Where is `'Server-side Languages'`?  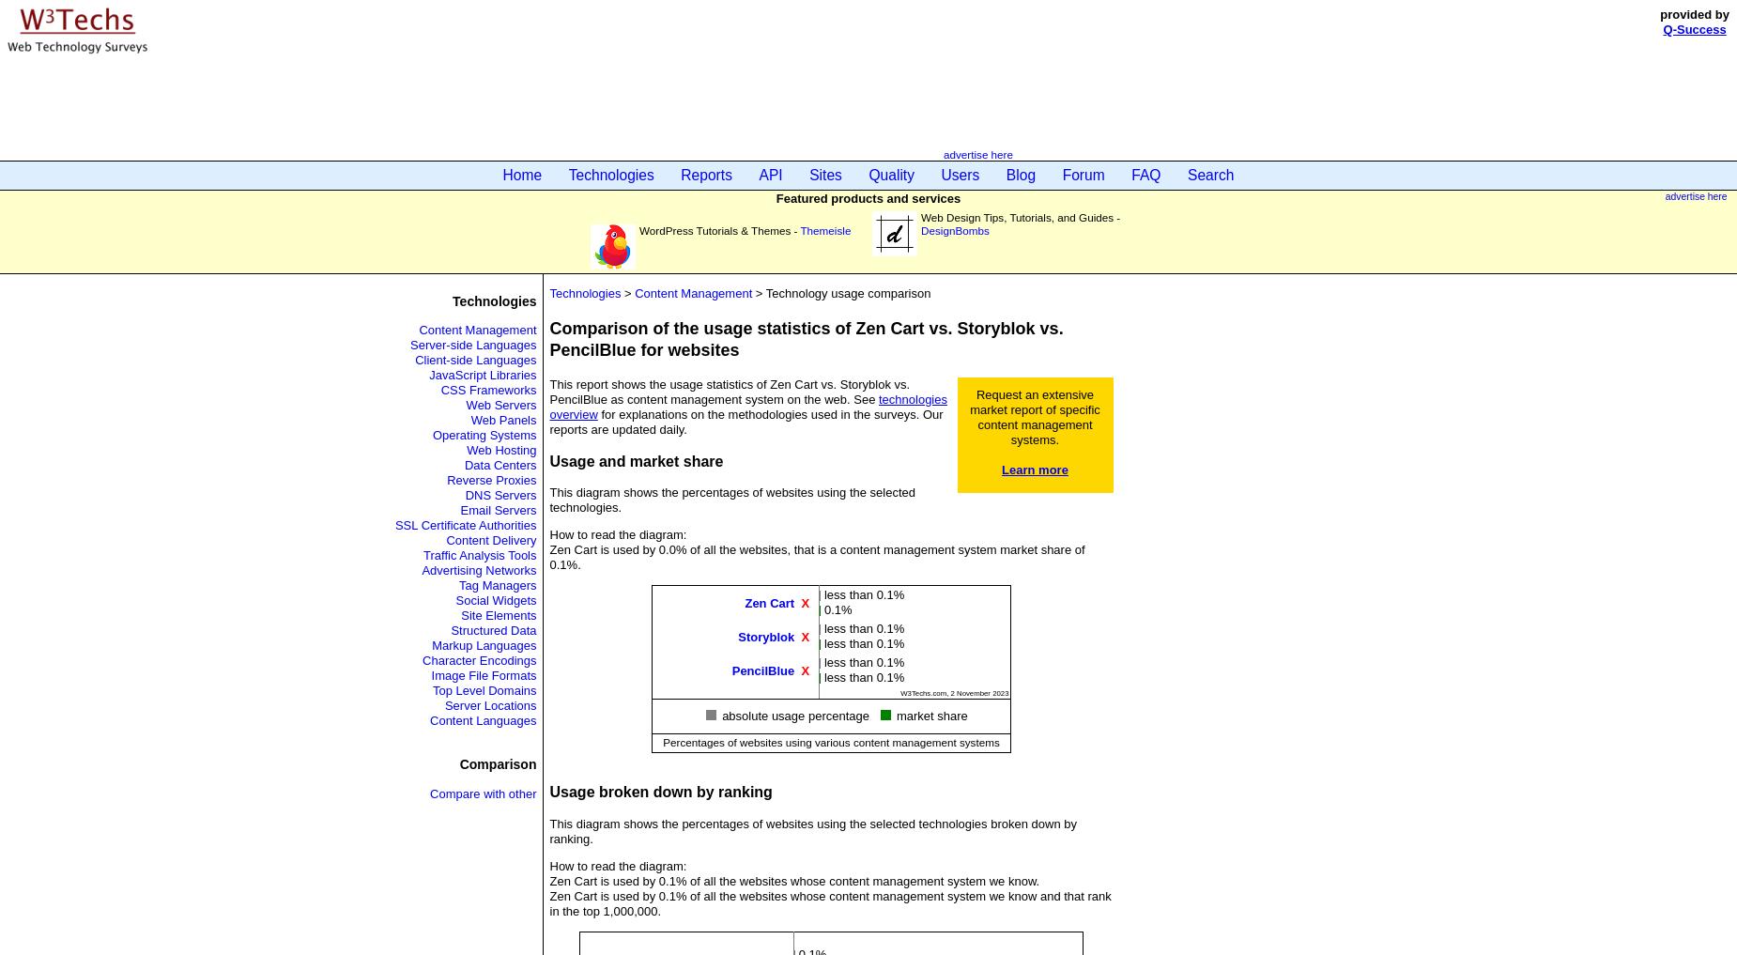
'Server-side Languages' is located at coordinates (472, 344).